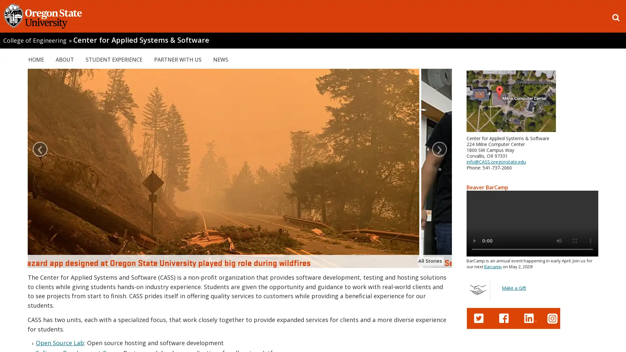 Image resolution: width=626 pixels, height=352 pixels. I want to click on enter full screen, so click(574, 240).